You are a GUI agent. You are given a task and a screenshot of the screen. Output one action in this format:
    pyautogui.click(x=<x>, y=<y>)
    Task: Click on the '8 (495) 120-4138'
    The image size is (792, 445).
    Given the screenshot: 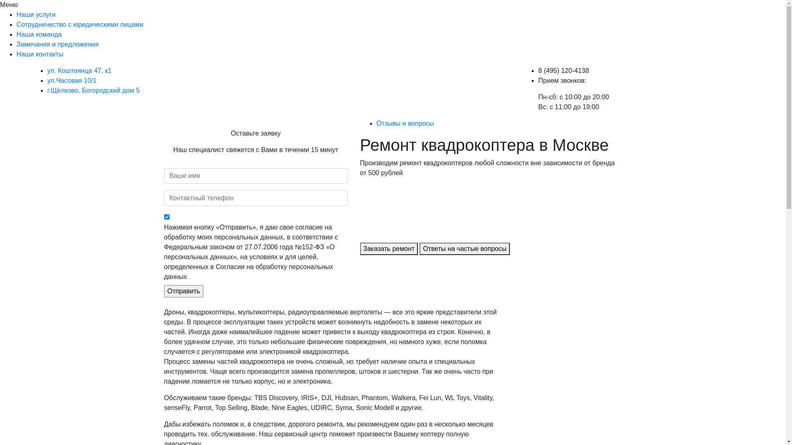 What is the action you would take?
    pyautogui.click(x=563, y=70)
    